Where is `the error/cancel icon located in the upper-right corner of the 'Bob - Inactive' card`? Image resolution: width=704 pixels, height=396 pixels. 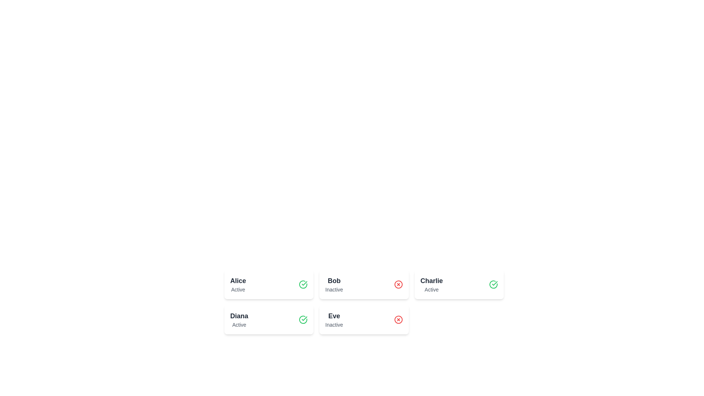 the error/cancel icon located in the upper-right corner of the 'Bob - Inactive' card is located at coordinates (398, 284).